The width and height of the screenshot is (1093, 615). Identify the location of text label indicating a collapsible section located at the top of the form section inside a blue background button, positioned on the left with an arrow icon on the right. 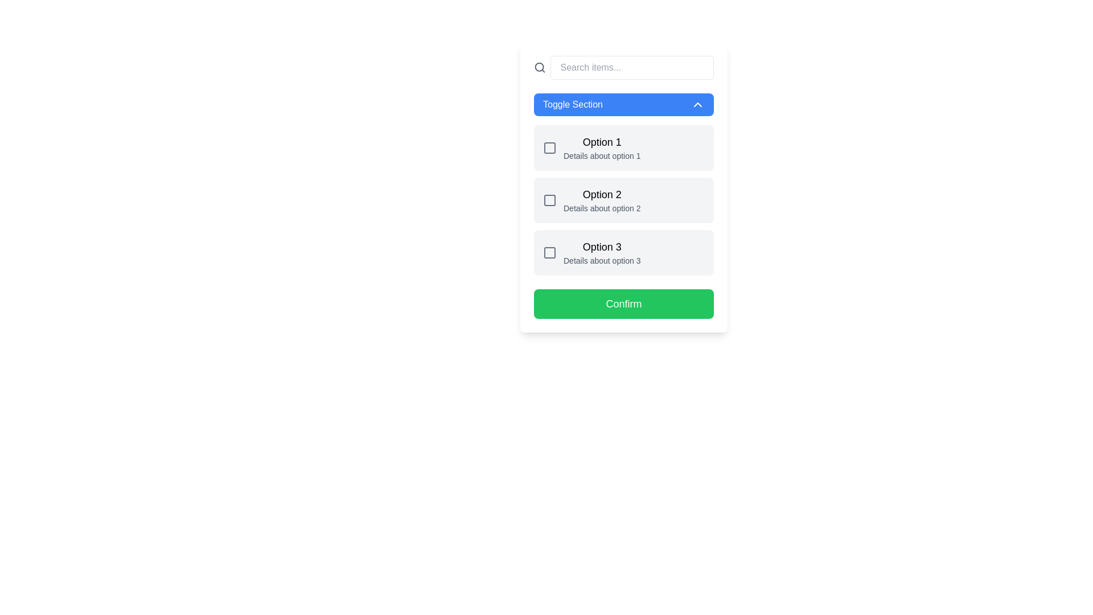
(573, 105).